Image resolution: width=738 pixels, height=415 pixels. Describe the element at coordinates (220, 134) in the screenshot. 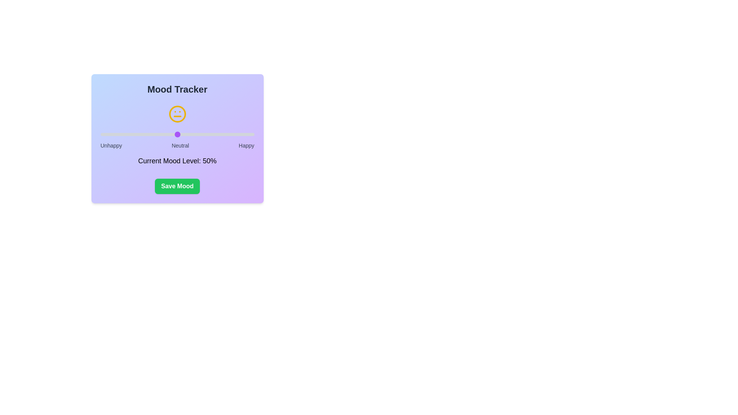

I see `the mood level to 78% using the slider` at that location.